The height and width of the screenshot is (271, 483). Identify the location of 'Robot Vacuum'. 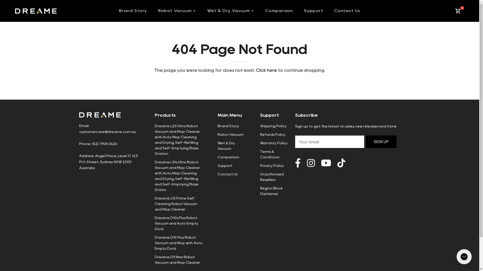
(230, 134).